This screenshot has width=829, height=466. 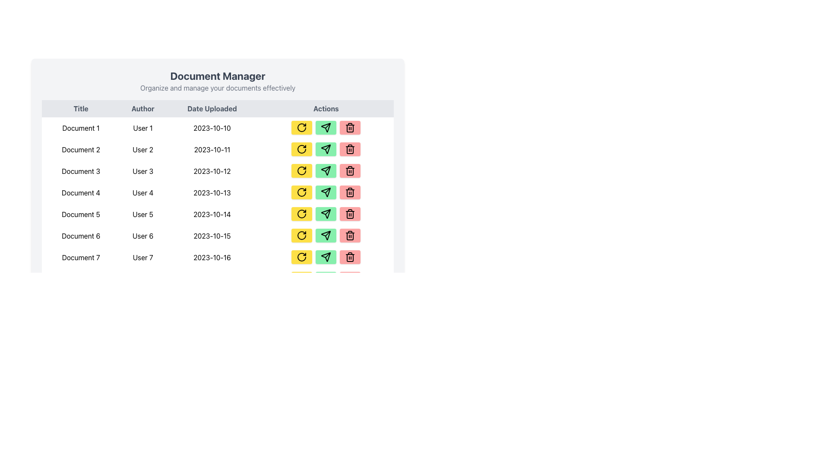 What do you see at coordinates (326, 192) in the screenshot?
I see `the green upward-pointing paper airplane icon in the Actions column for 'Document 4' in the Document Manager table` at bounding box center [326, 192].